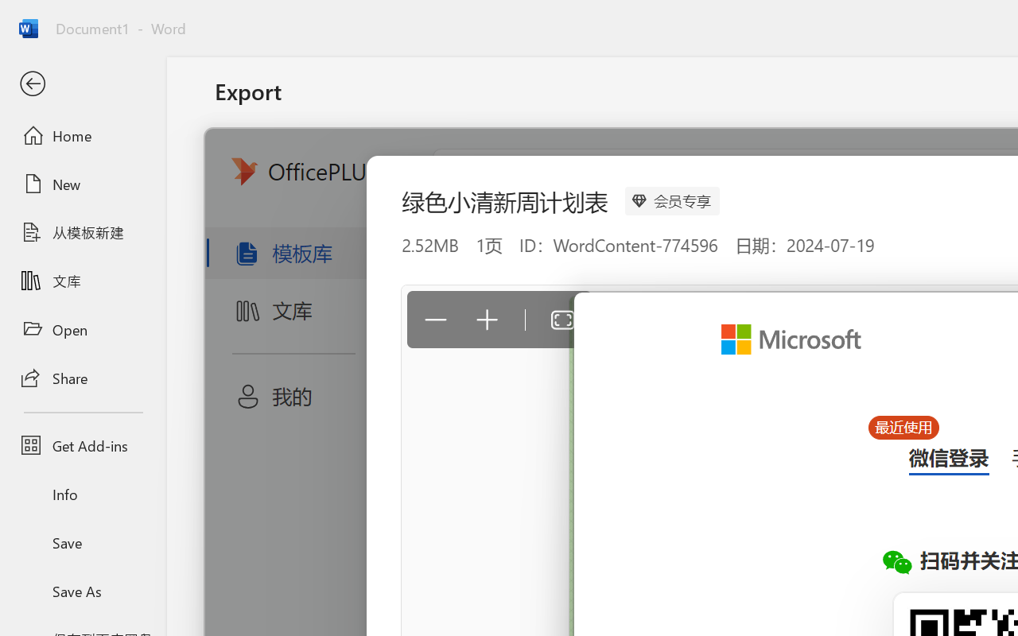 The width and height of the screenshot is (1018, 636). What do you see at coordinates (82, 591) in the screenshot?
I see `'Save As'` at bounding box center [82, 591].